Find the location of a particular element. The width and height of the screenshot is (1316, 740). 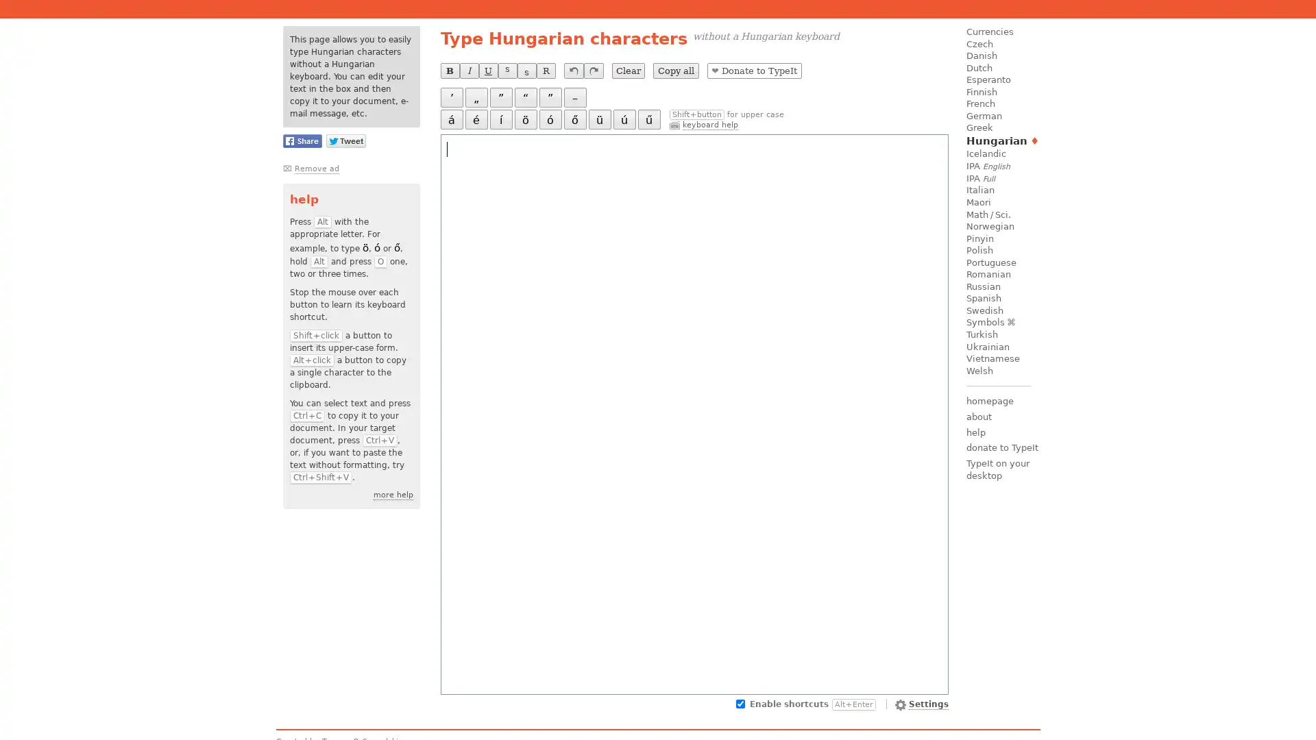

undo last operation (Ctrl+Z) is located at coordinates (573, 71).